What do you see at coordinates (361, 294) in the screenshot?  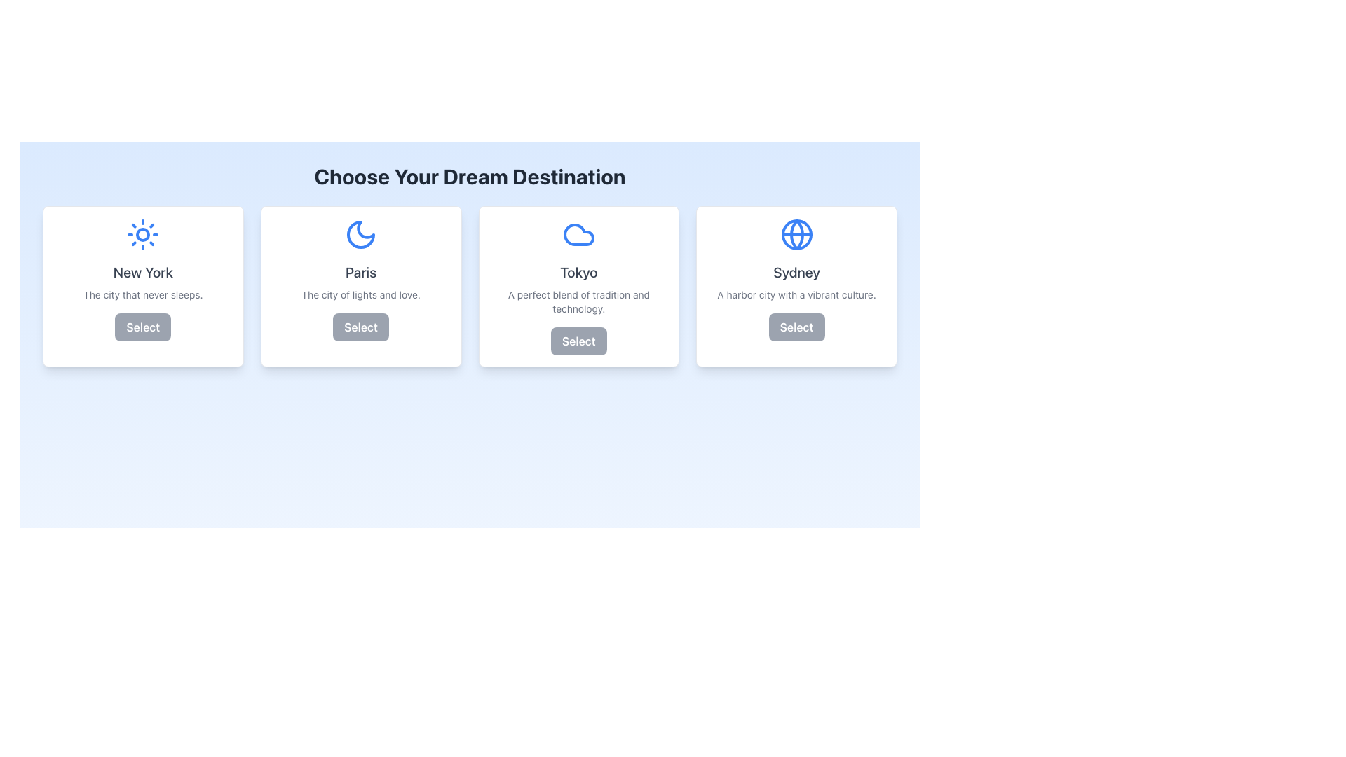 I see `the text label displaying 'The city of lights and love.' which is located below the 'Paris' heading and above the 'Select' button in the 'Paris' card` at bounding box center [361, 294].